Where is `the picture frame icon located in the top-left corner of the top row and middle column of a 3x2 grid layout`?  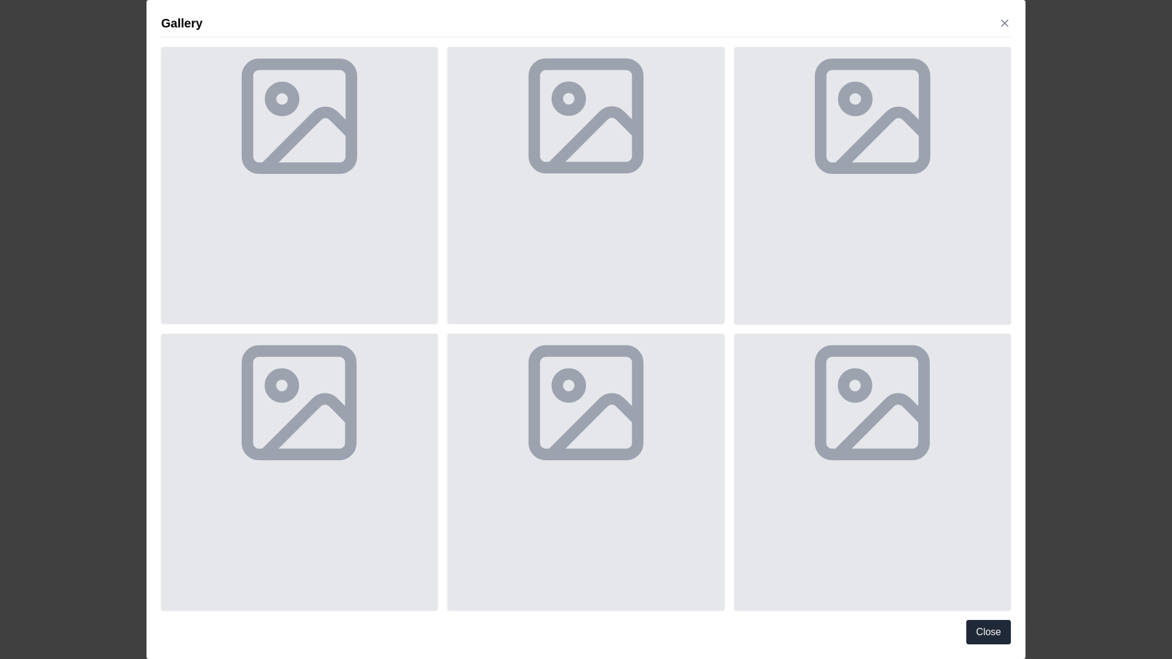 the picture frame icon located in the top-left corner of the top row and middle column of a 3x2 grid layout is located at coordinates (586, 116).